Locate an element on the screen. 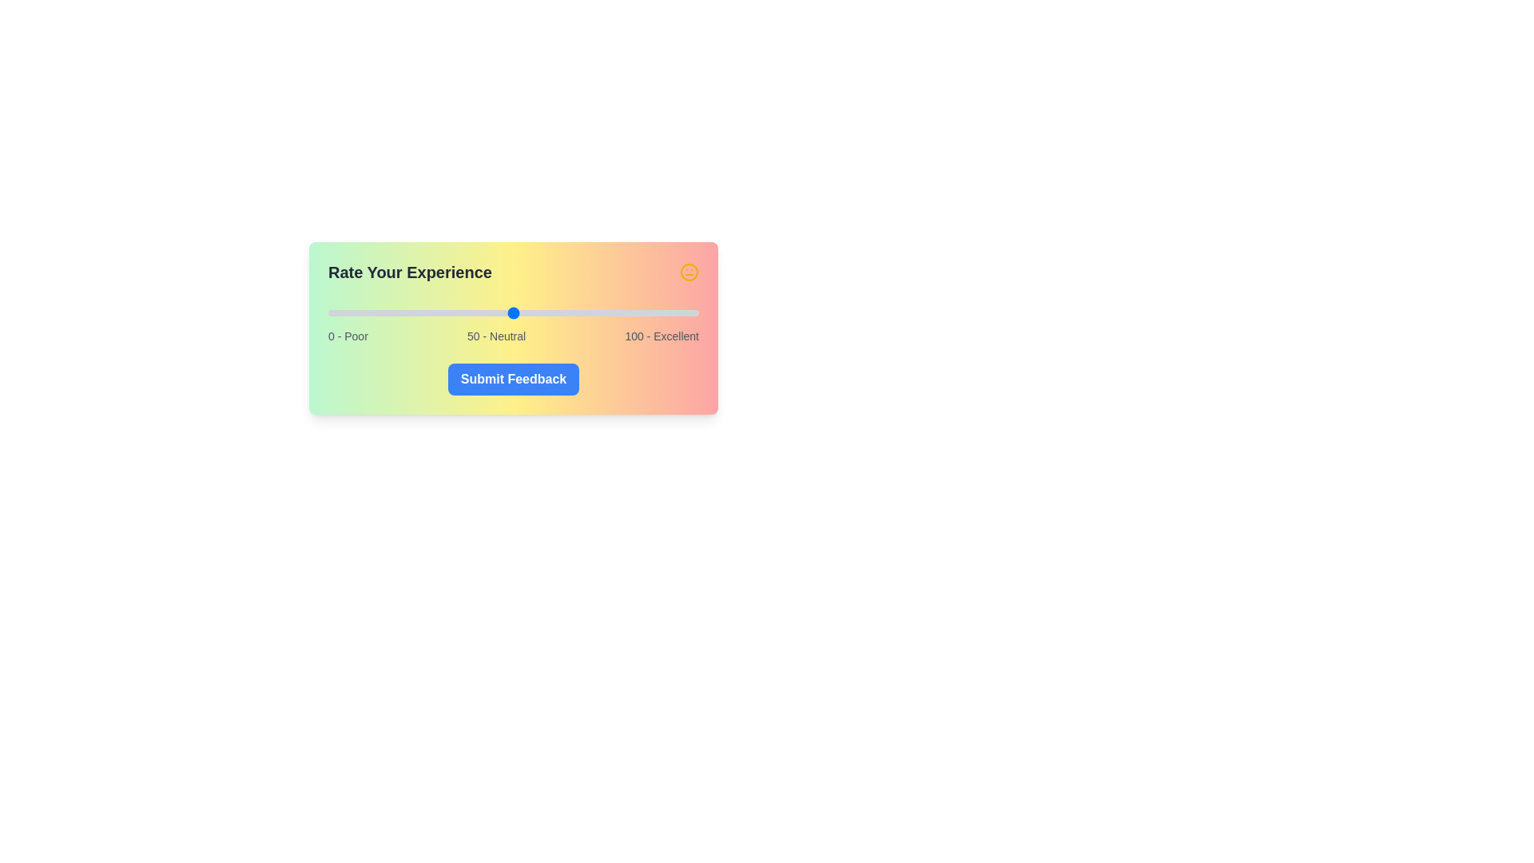  the satisfaction slider to 9 value is located at coordinates (360, 313).